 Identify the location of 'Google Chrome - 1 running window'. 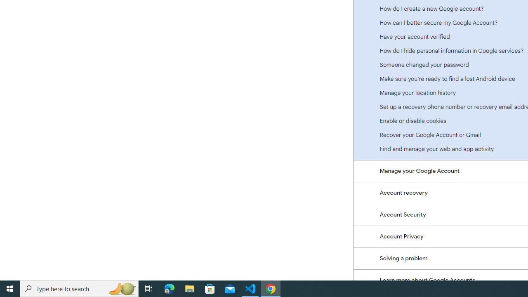
(271, 288).